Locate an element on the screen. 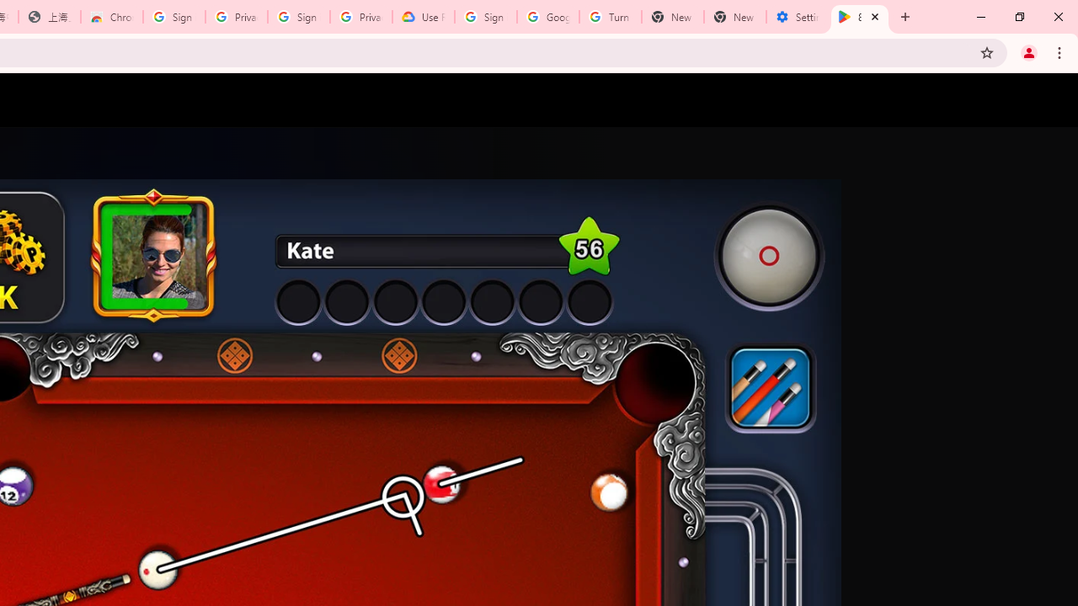 The image size is (1078, 606). '8 Ball Pool - Apps on Google Play' is located at coordinates (860, 17).